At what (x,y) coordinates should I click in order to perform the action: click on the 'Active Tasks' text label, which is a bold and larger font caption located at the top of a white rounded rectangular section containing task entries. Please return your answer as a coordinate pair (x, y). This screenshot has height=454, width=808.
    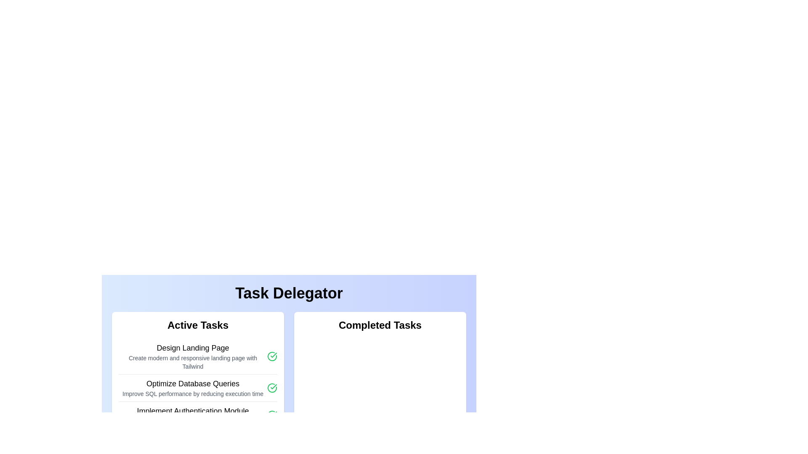
    Looking at the image, I should click on (197, 325).